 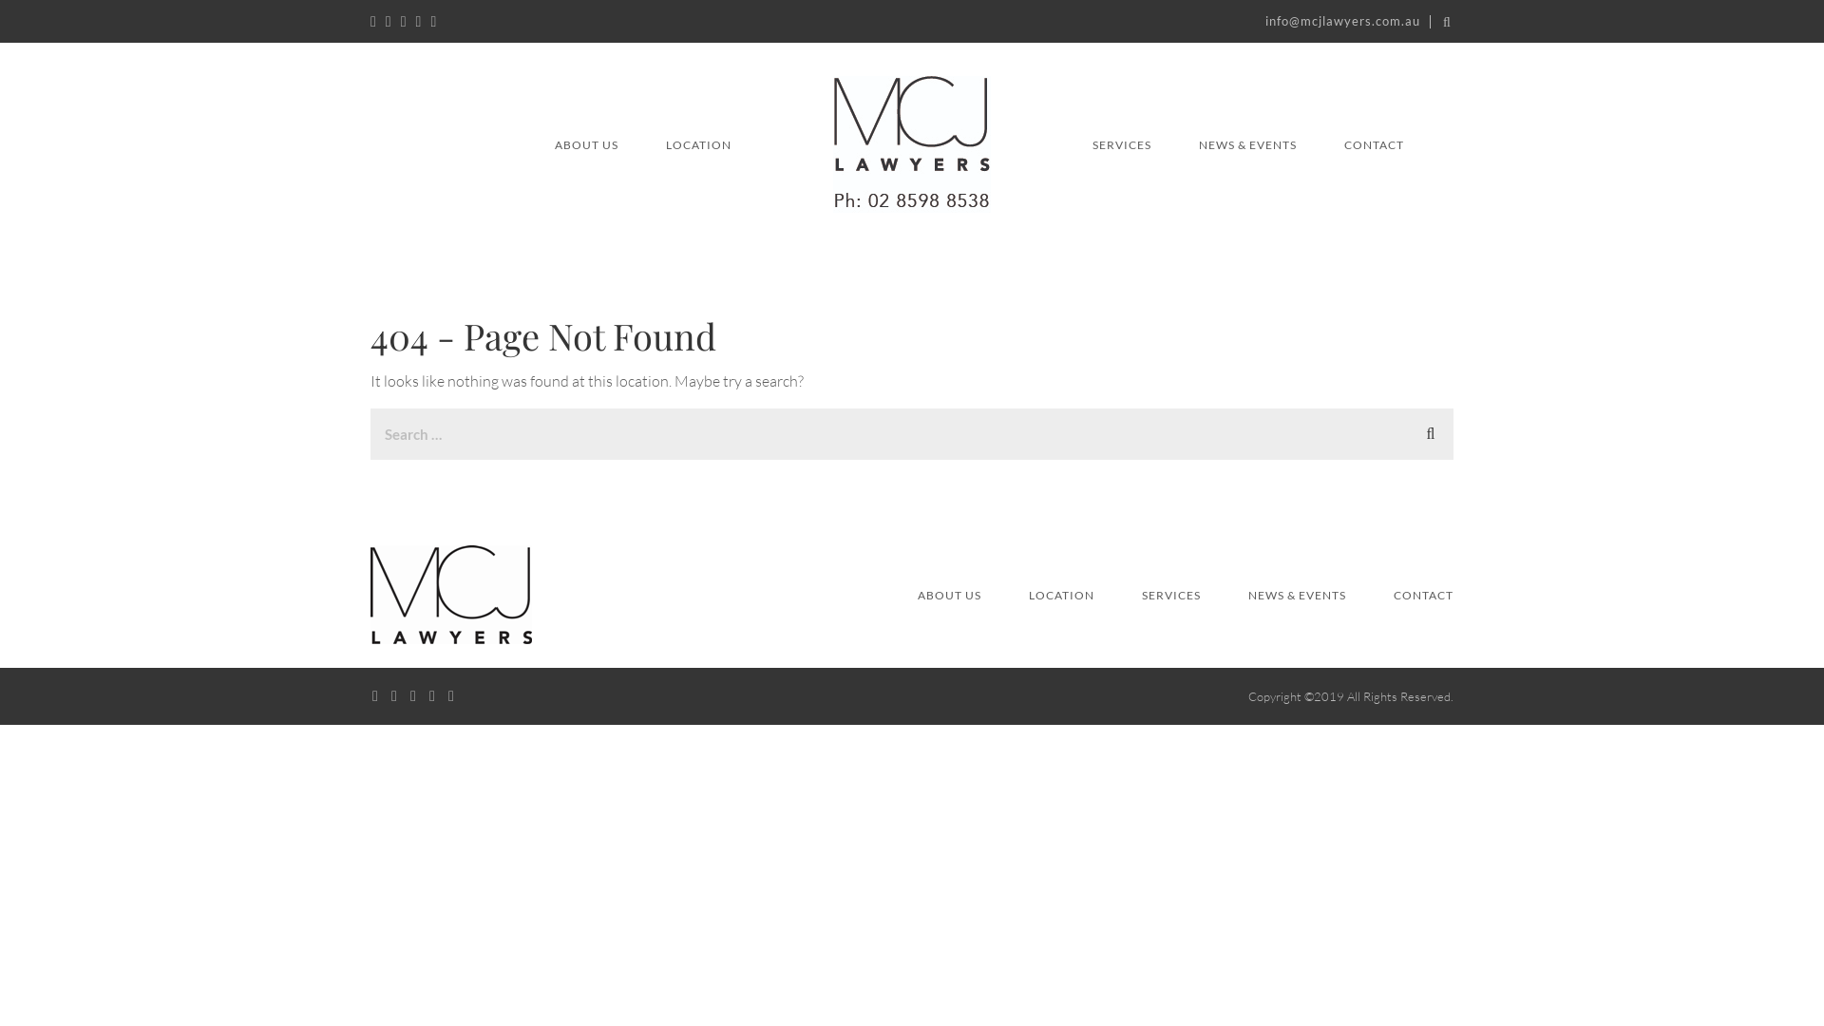 What do you see at coordinates (1431, 431) in the screenshot?
I see `'Search'` at bounding box center [1431, 431].